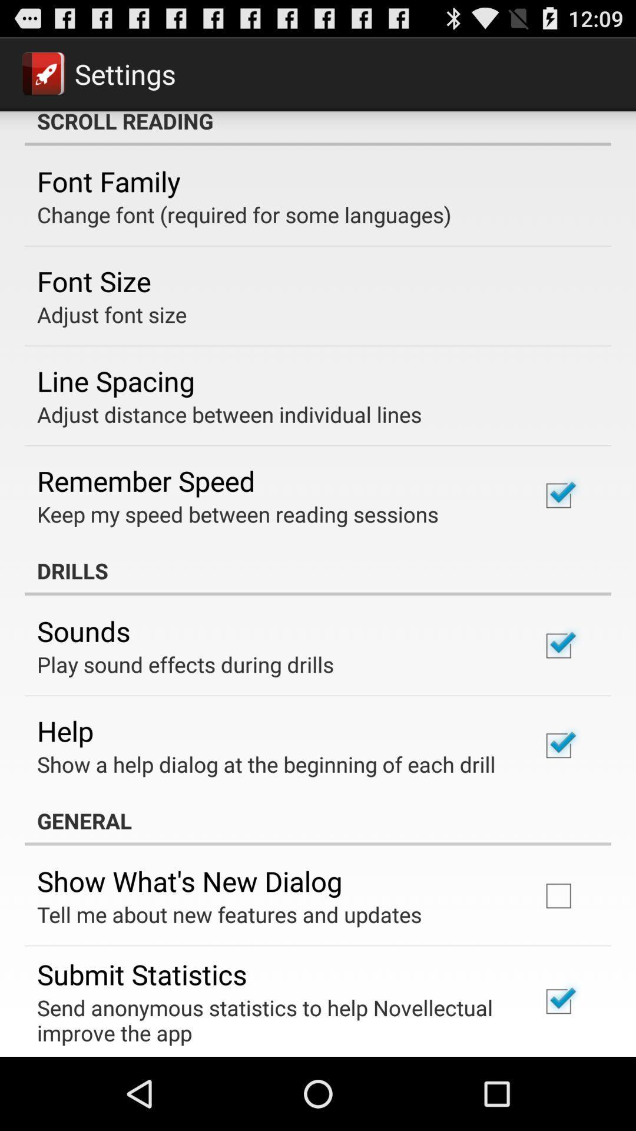  I want to click on app above tell me about item, so click(189, 881).